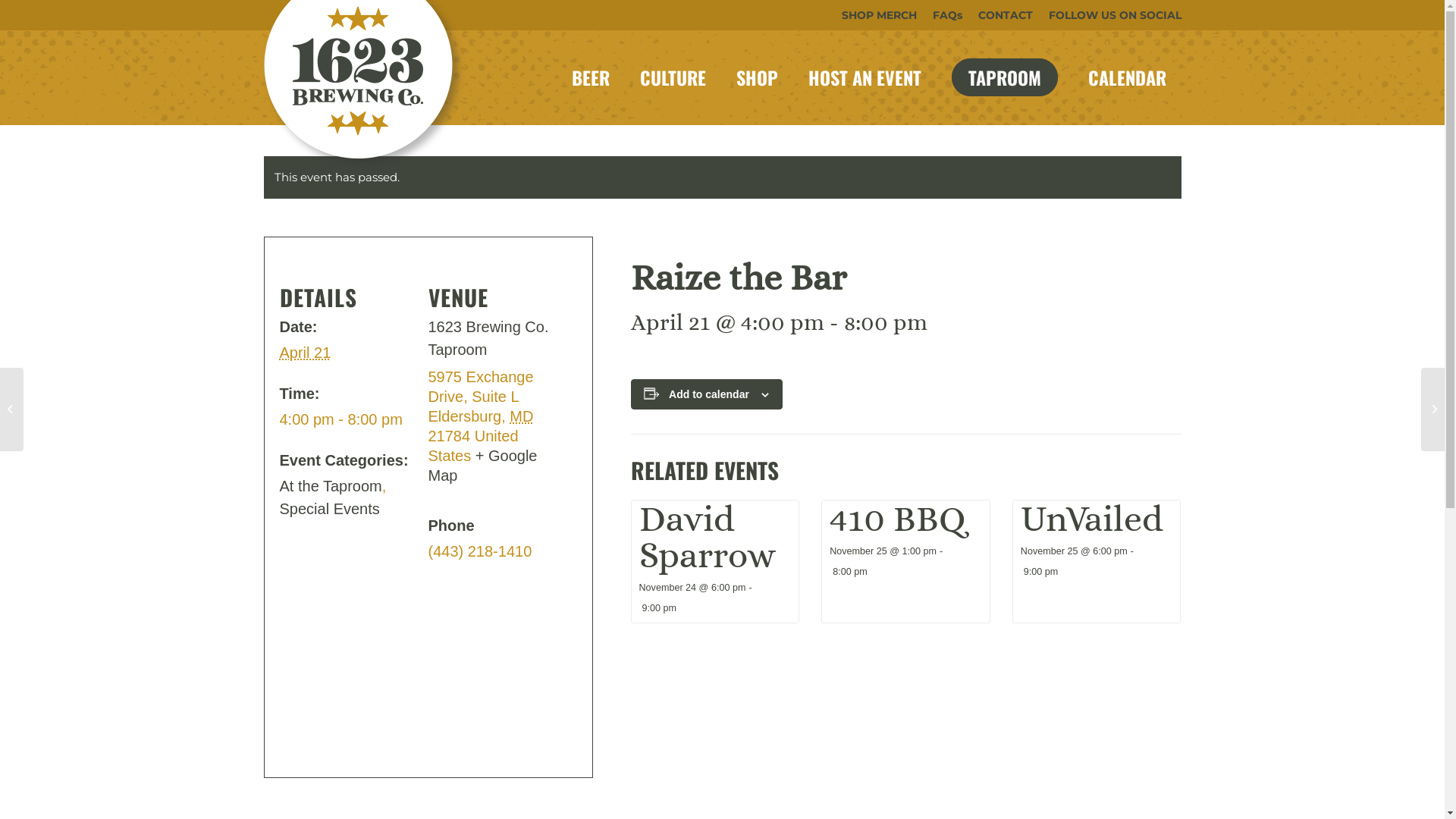  I want to click on 'SHOP MERCH', so click(879, 14).